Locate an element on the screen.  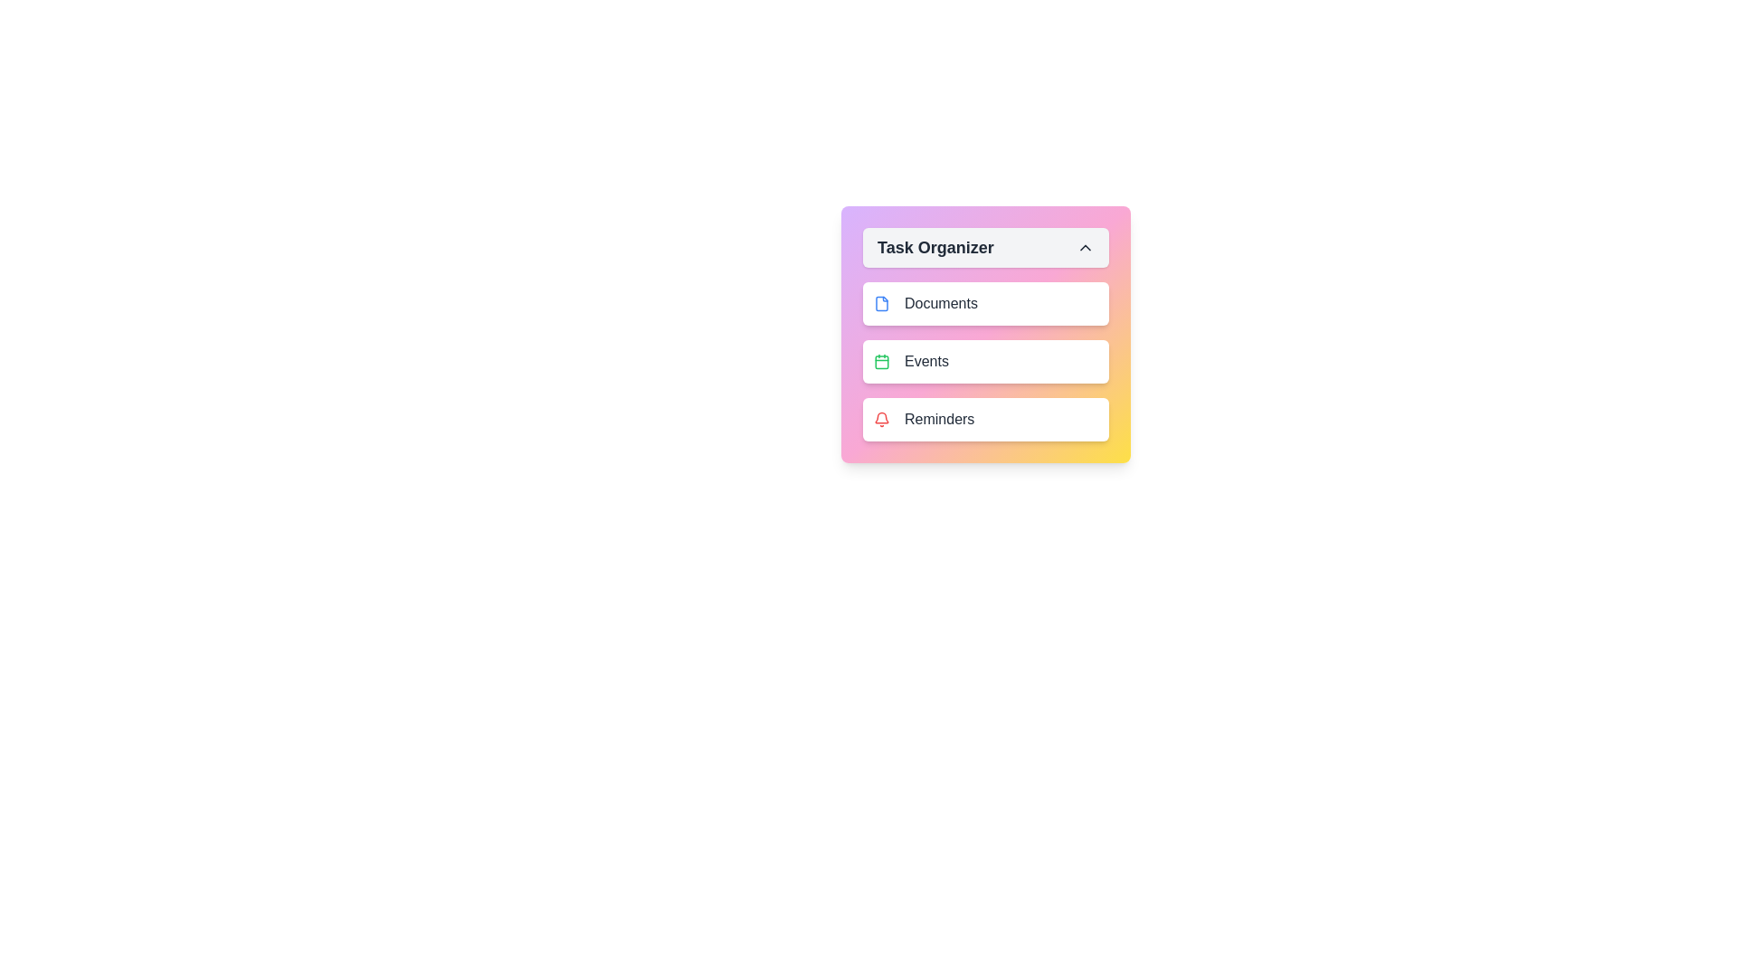
the task item Documents is located at coordinates (984, 302).